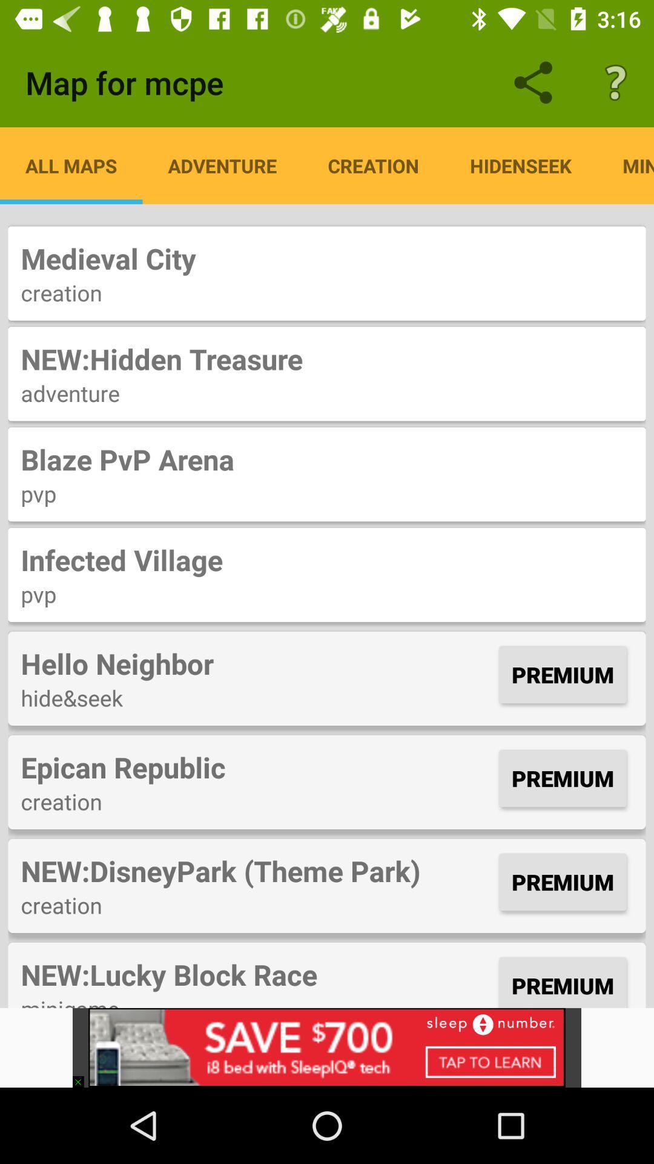 This screenshot has width=654, height=1164. I want to click on the item below the minigame, so click(83, 1076).